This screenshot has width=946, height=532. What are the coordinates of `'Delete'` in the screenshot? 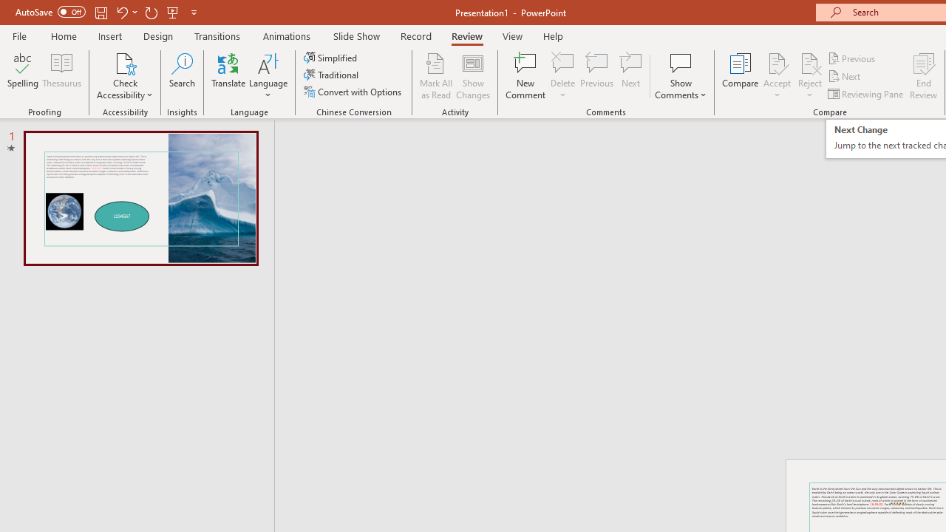 It's located at (562, 62).